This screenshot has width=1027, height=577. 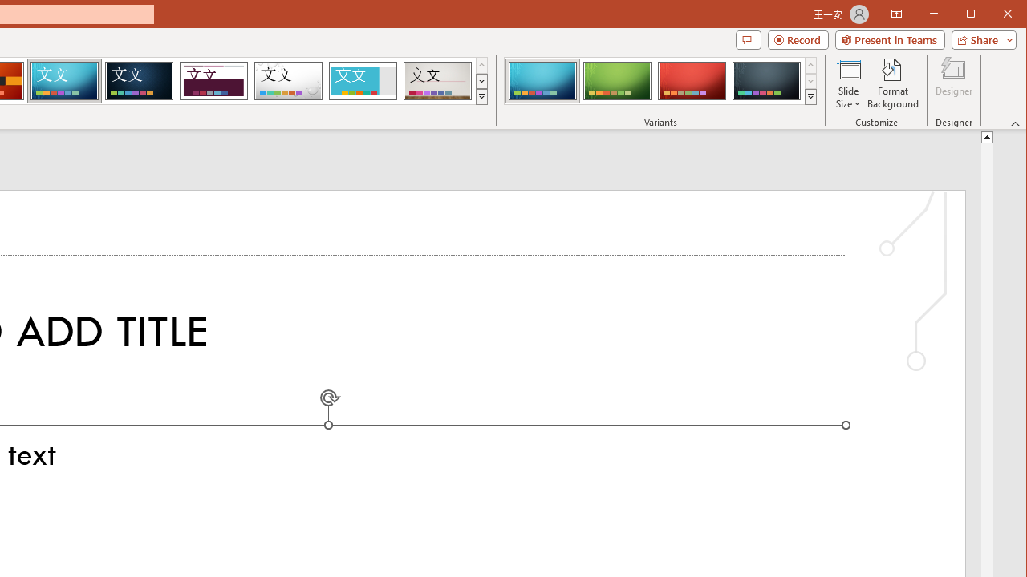 I want to click on 'Frame', so click(x=362, y=80).